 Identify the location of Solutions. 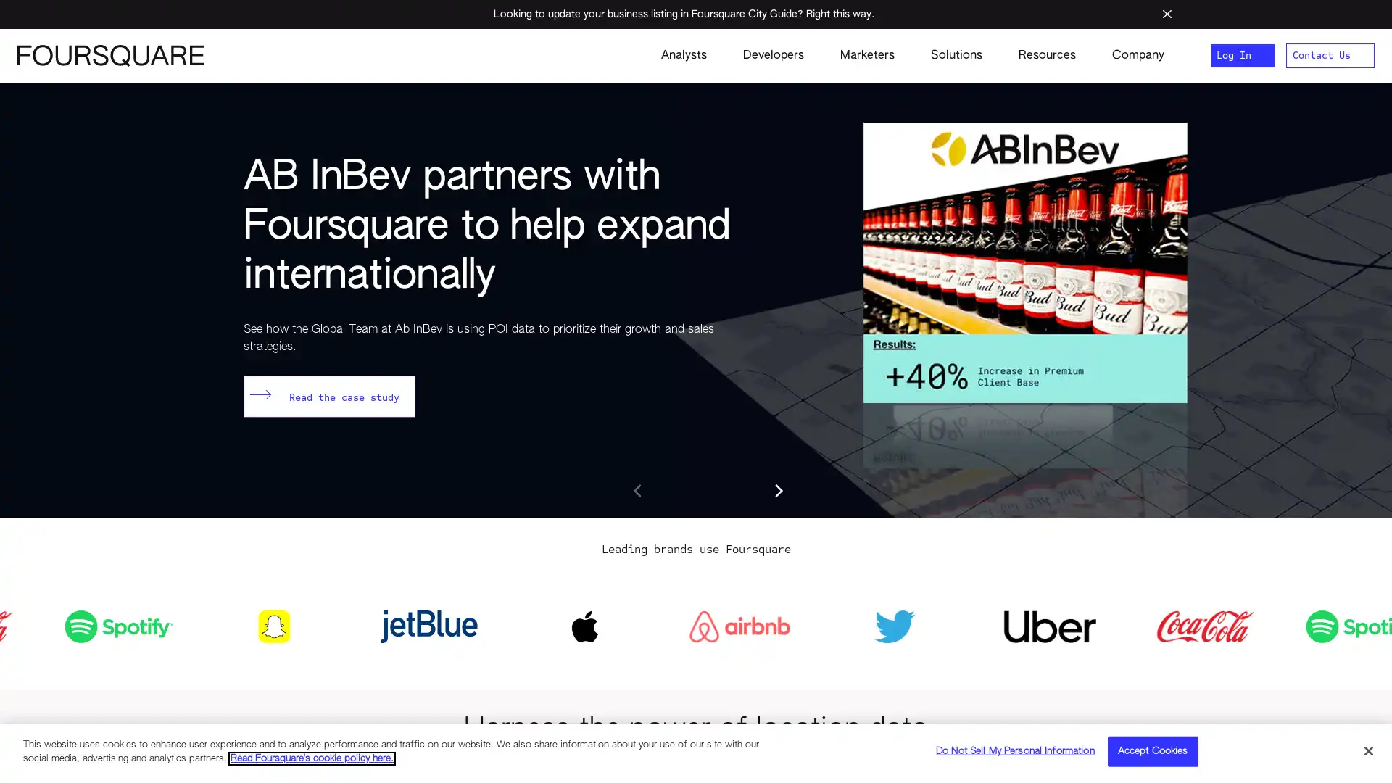
(956, 55).